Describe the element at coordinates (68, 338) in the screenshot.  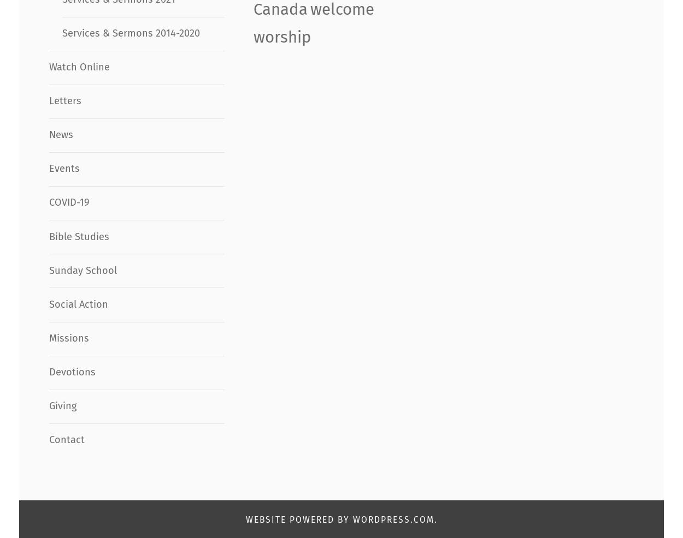
I see `'Missions'` at that location.